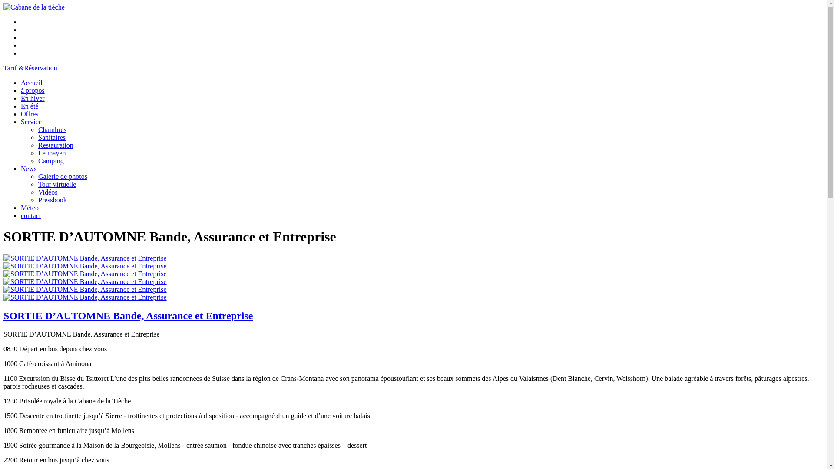  I want to click on 'Camping', so click(50, 161).